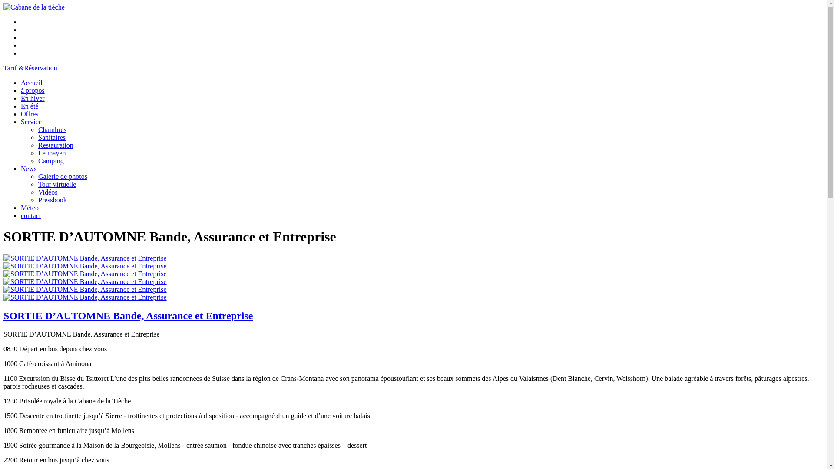  I want to click on 'Camping', so click(50, 161).